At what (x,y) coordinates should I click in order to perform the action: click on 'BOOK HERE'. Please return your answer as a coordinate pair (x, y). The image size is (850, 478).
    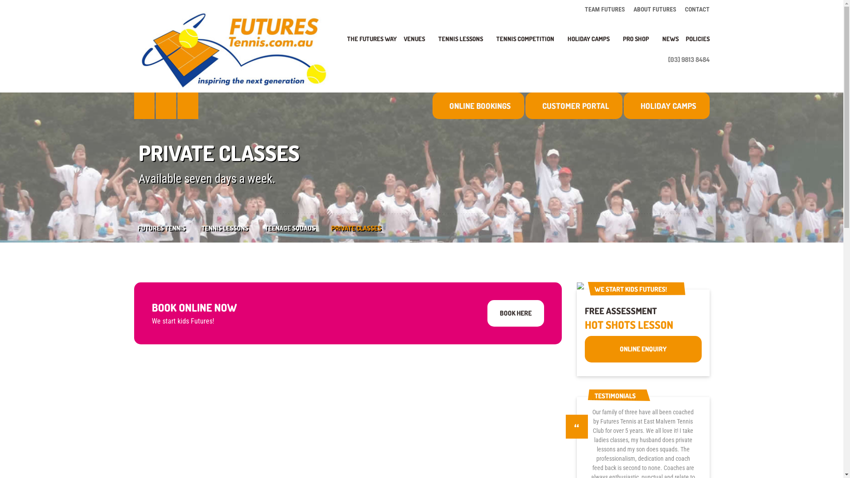
    Looking at the image, I should click on (516, 313).